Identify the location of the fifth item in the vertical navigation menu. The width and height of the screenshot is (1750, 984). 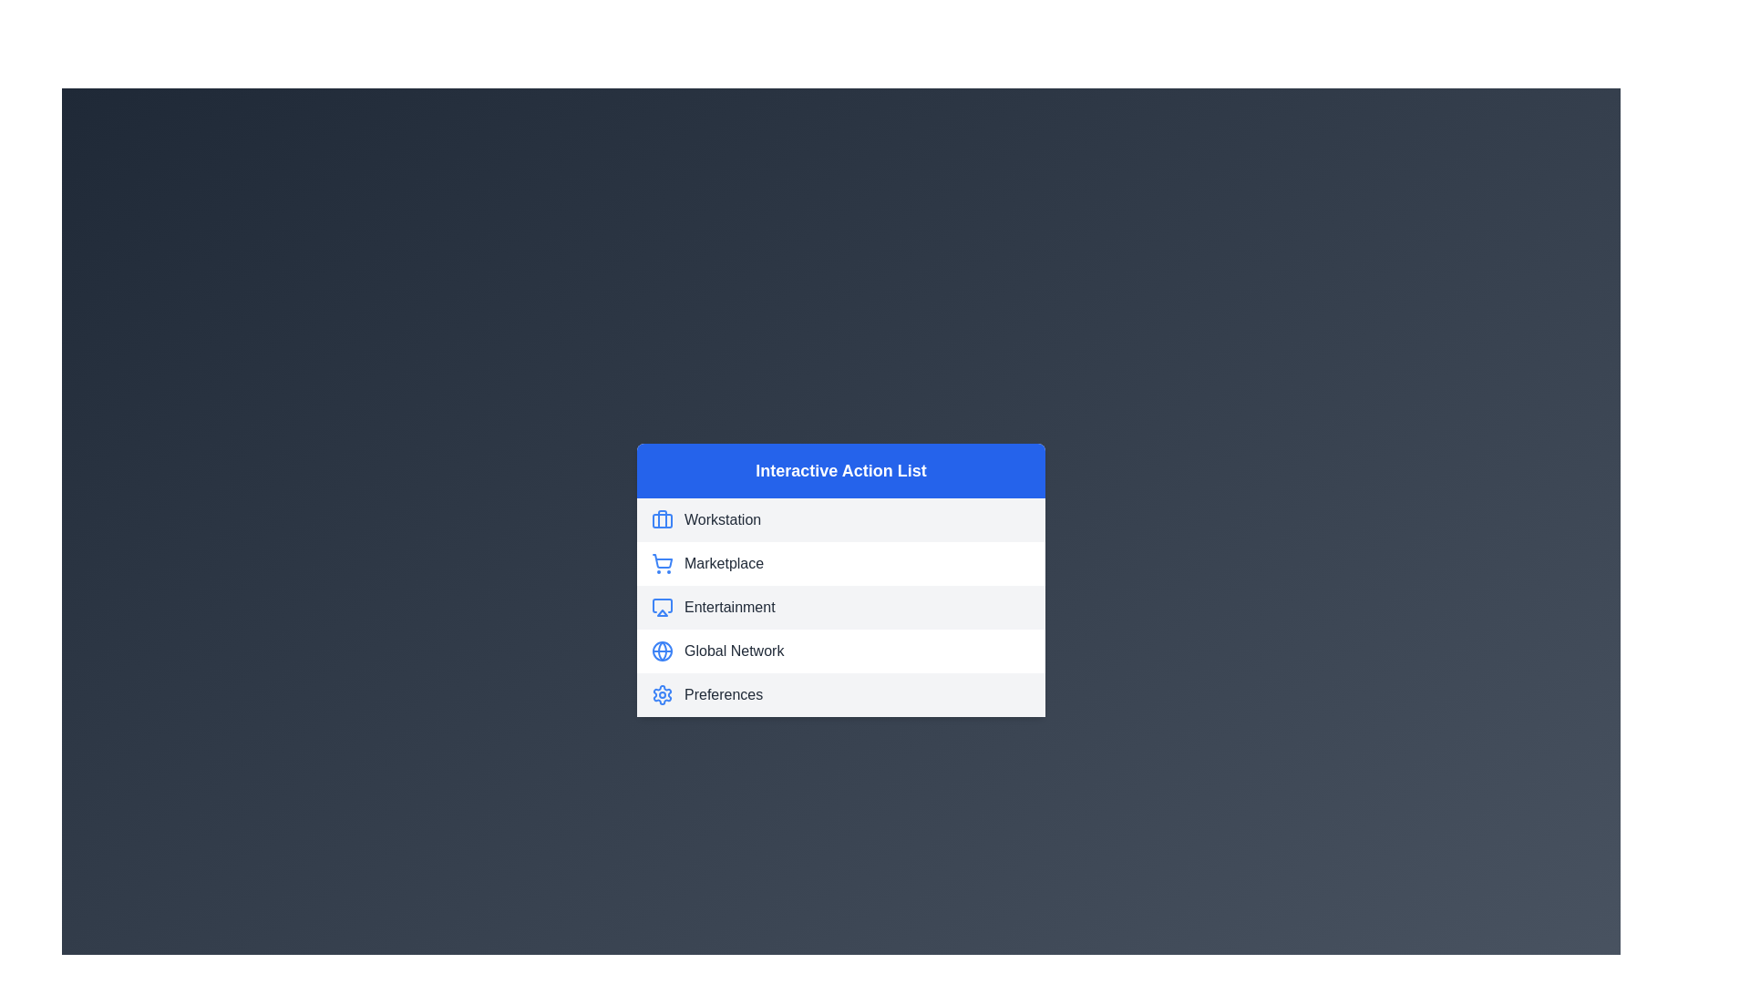
(839, 695).